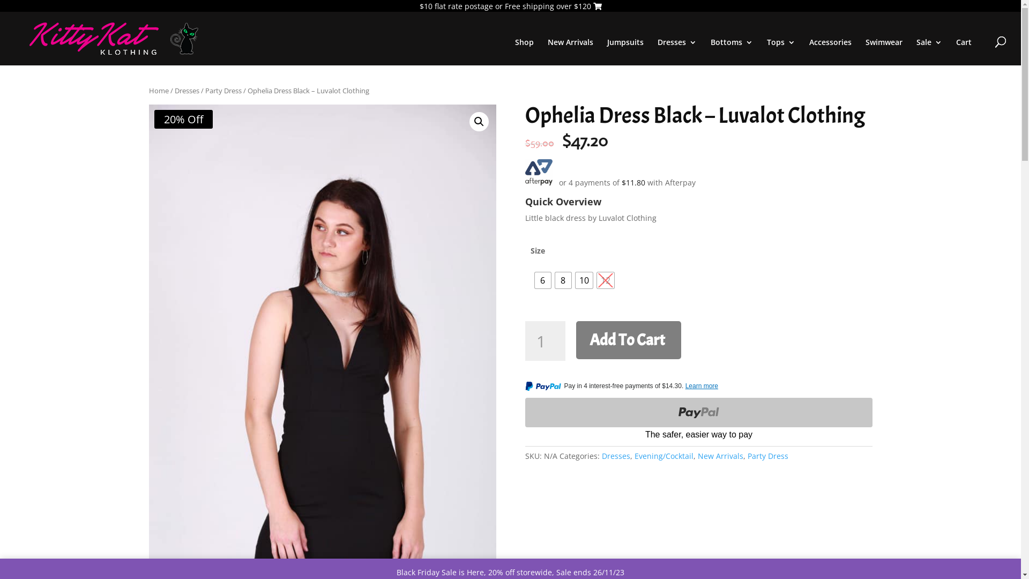 This screenshot has width=1029, height=579. What do you see at coordinates (915, 51) in the screenshot?
I see `'Sale'` at bounding box center [915, 51].